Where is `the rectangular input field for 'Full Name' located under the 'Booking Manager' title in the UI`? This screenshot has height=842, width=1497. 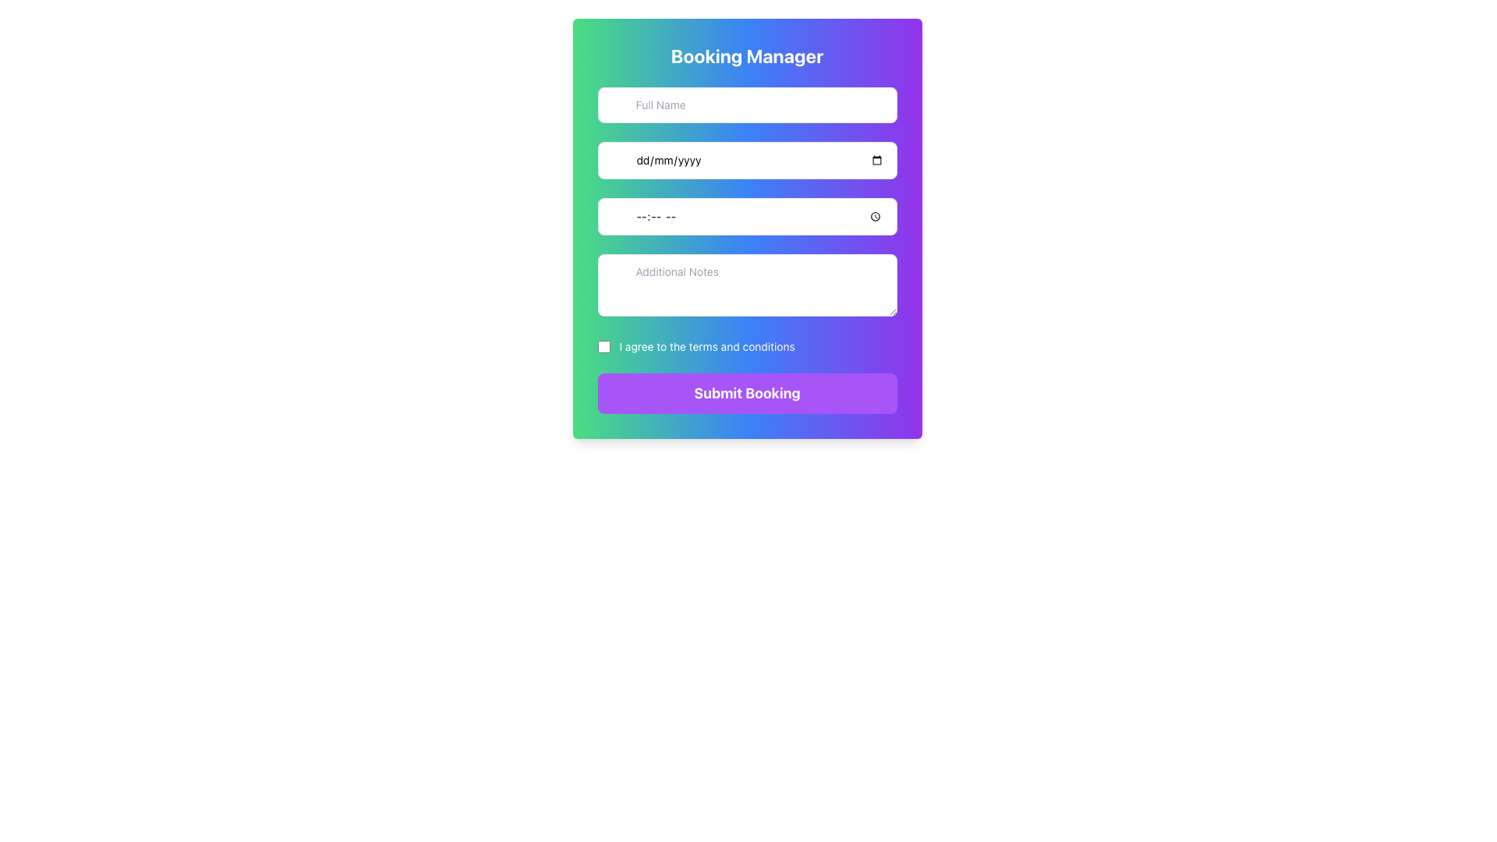
the rectangular input field for 'Full Name' located under the 'Booking Manager' title in the UI is located at coordinates (746, 105).